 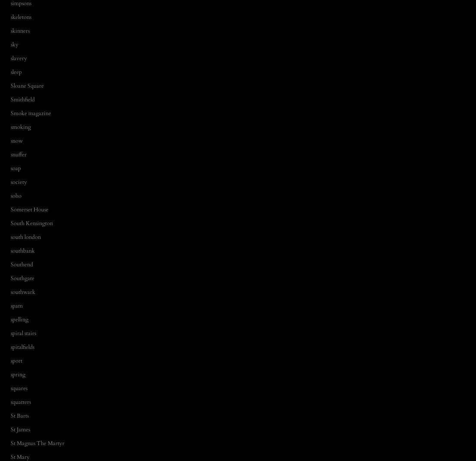 I want to click on 'spitalfields', so click(x=11, y=347).